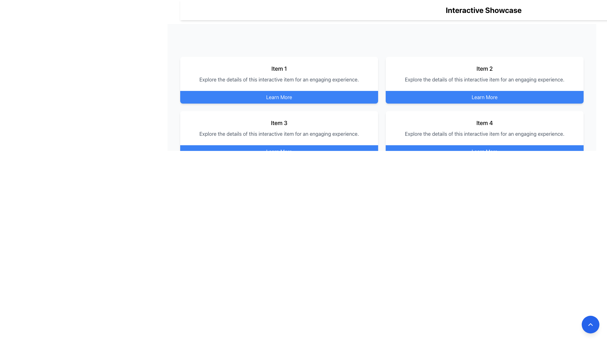 The image size is (607, 341). Describe the element at coordinates (279, 74) in the screenshot. I see `the Informational Text Block element labeled 'Item 1', which contains a description stating 'Explore the details of this interactive item for an engaging experience.'` at that location.